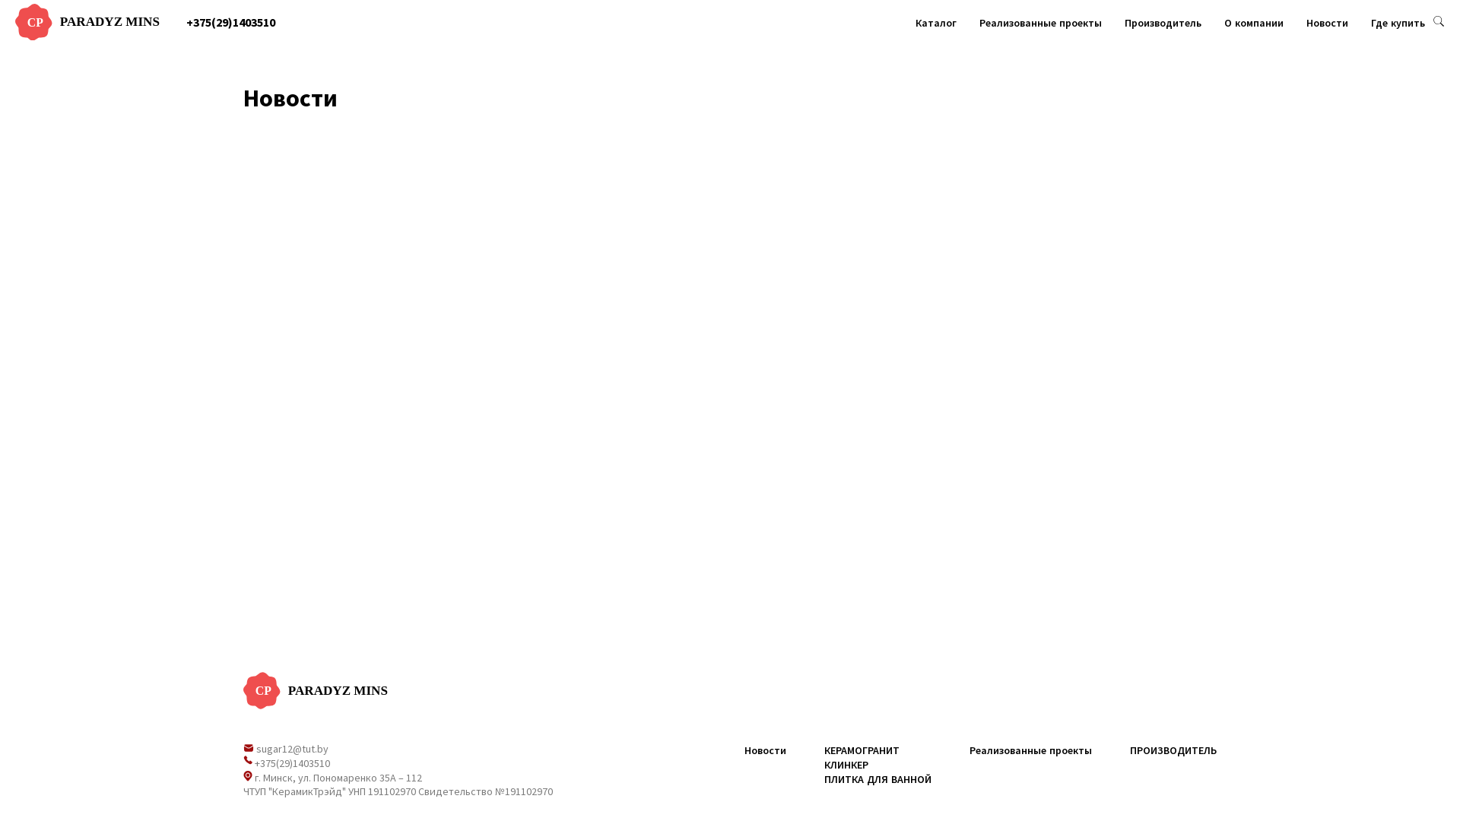 This screenshot has height=821, width=1460. What do you see at coordinates (185, 22) in the screenshot?
I see `'+375(29)1403510'` at bounding box center [185, 22].